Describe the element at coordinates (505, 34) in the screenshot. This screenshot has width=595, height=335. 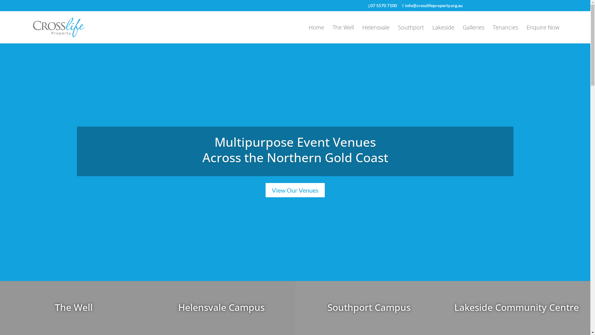
I see `'Tenancies'` at that location.